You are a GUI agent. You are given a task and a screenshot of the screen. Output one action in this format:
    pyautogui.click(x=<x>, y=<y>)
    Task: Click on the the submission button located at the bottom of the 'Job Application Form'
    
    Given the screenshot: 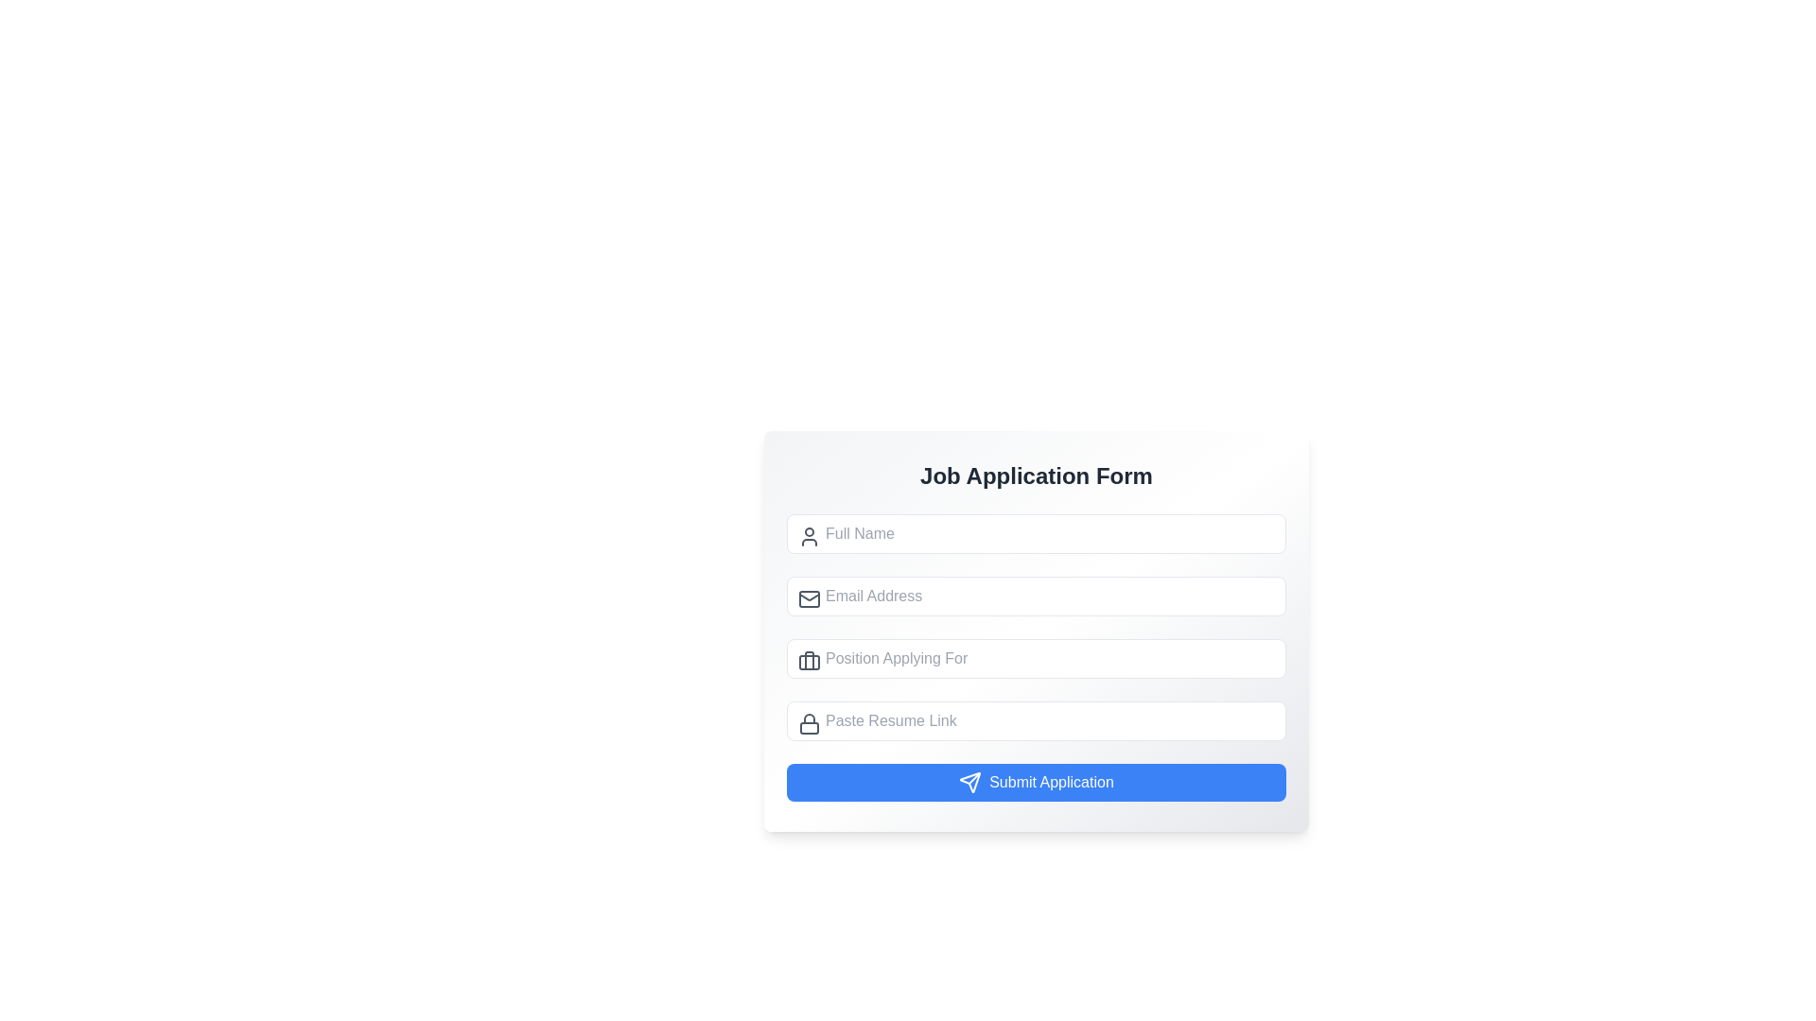 What is the action you would take?
    pyautogui.click(x=1035, y=783)
    